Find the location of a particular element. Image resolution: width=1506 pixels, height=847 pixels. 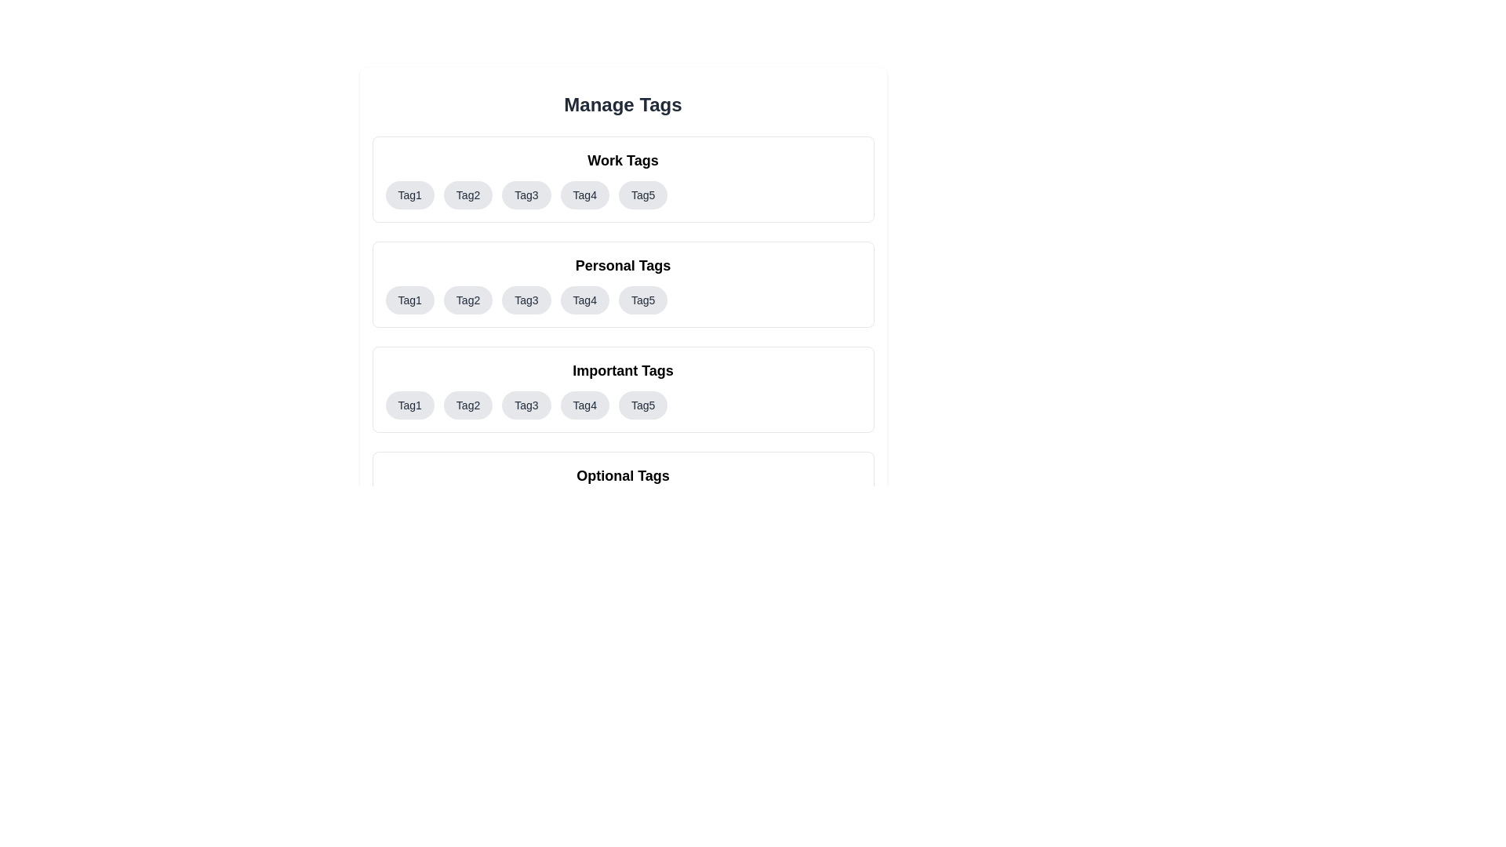

the first tag with the text 'Tag1' in the 'Work Tags' section is located at coordinates (409, 194).